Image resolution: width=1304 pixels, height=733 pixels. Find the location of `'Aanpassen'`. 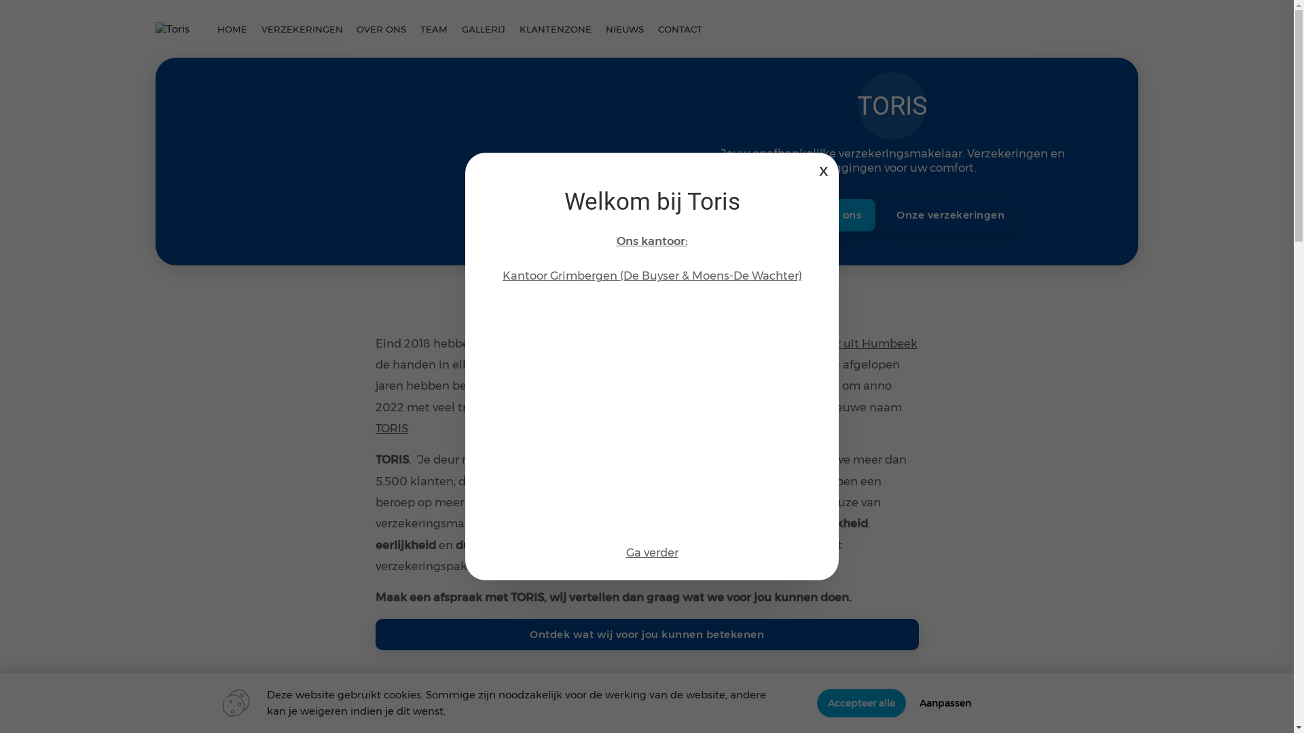

'Aanpassen' is located at coordinates (945, 702).